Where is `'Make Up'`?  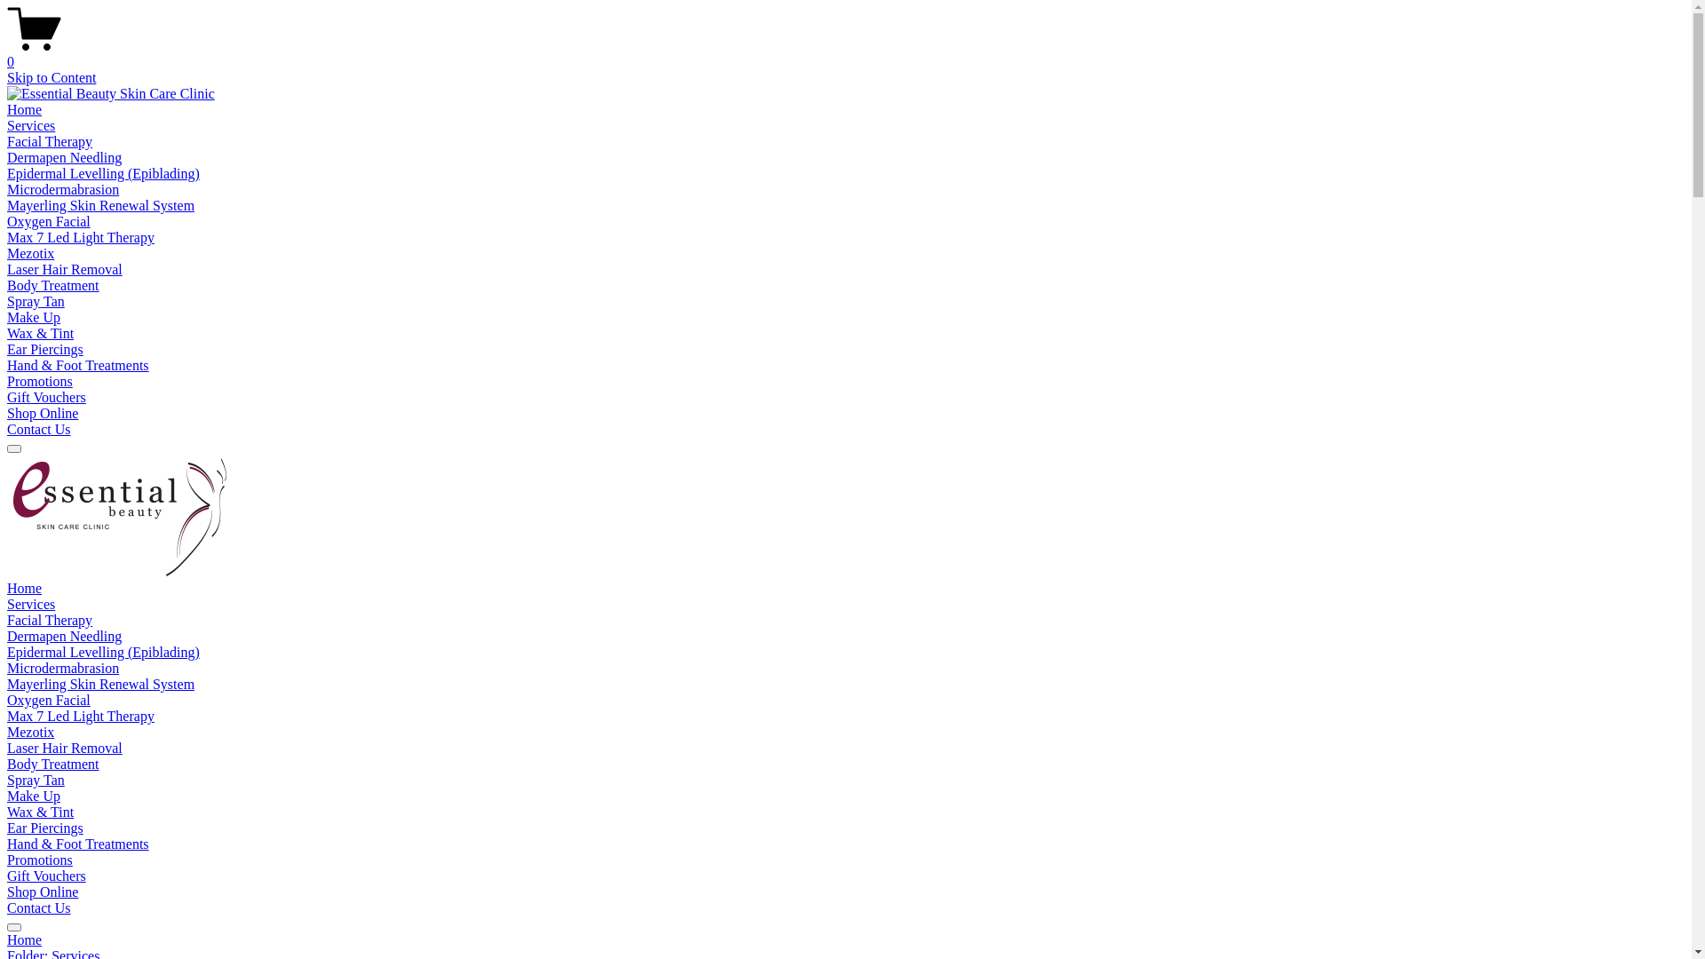 'Make Up' is located at coordinates (34, 795).